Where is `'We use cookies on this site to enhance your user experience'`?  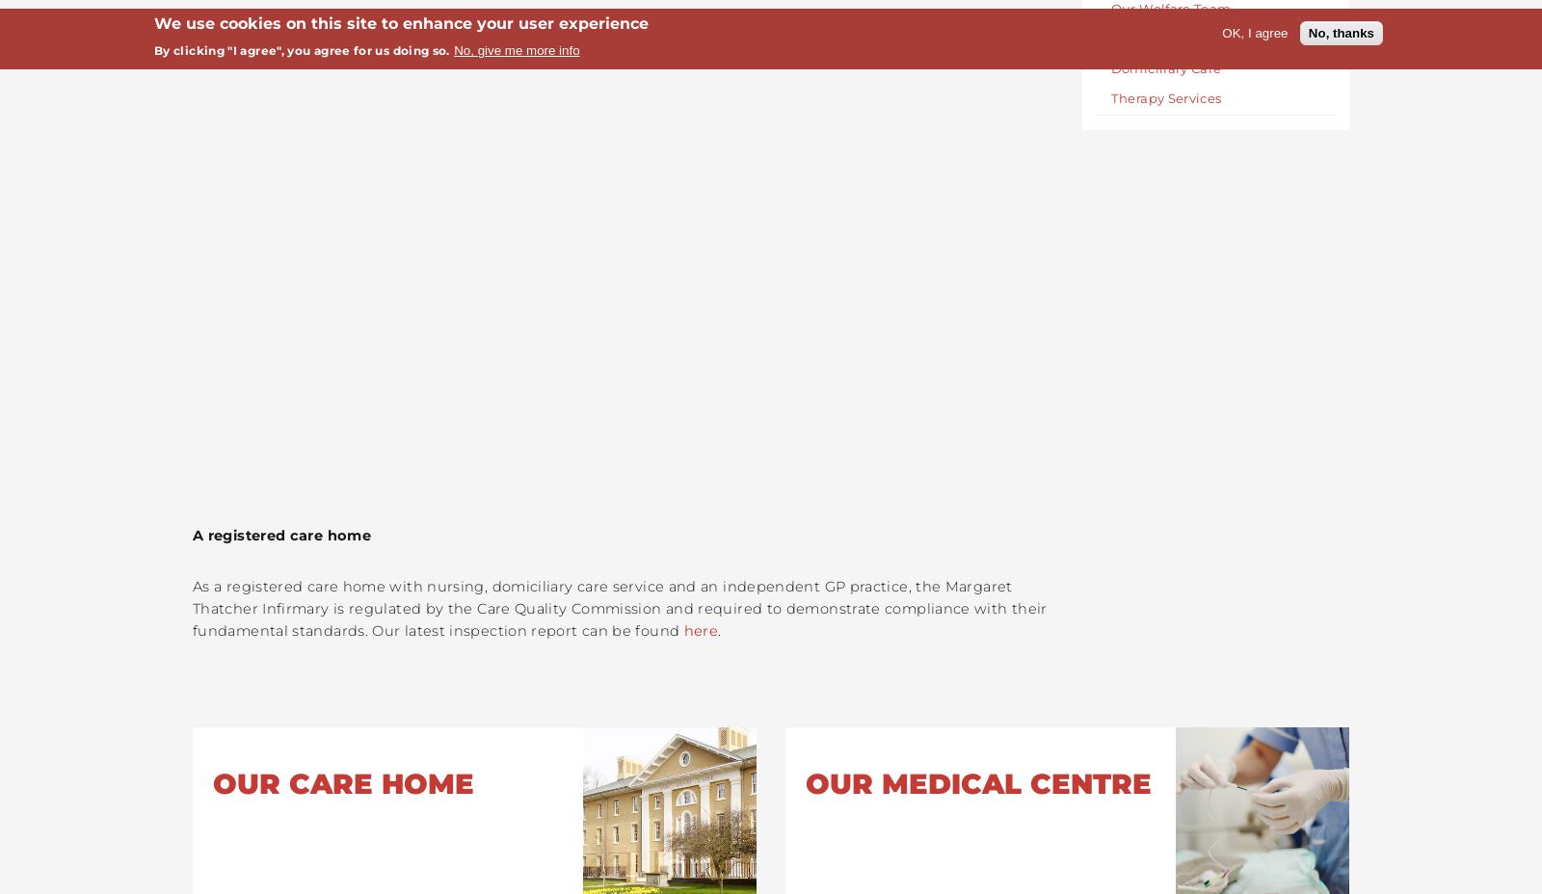
'We use cookies on this site to enhance your user experience' is located at coordinates (400, 22).